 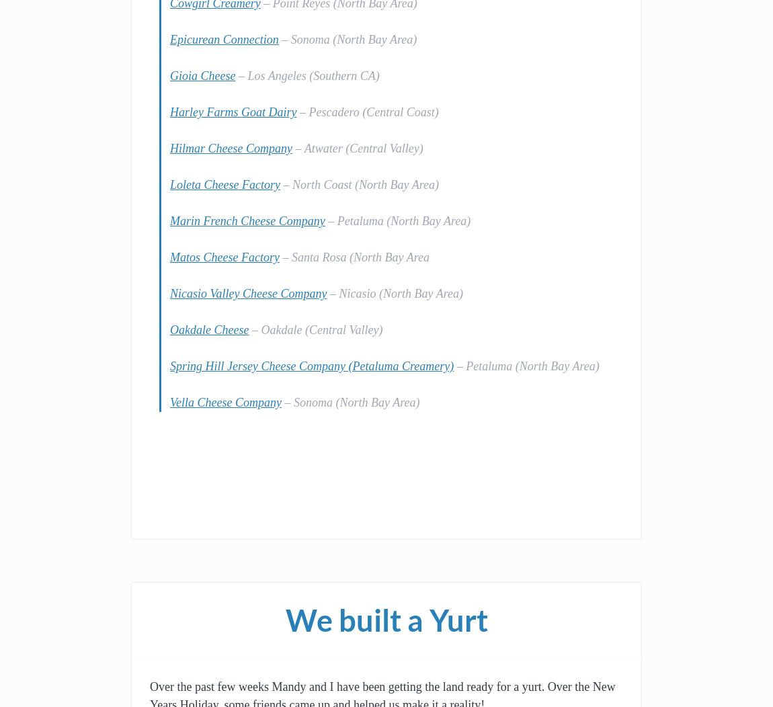 I want to click on '– North Coast (North Bay Area)', so click(x=279, y=184).